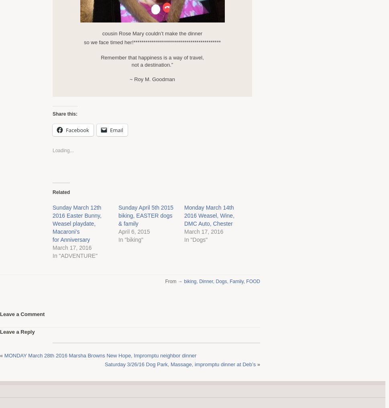  I want to click on 'biking', so click(184, 281).